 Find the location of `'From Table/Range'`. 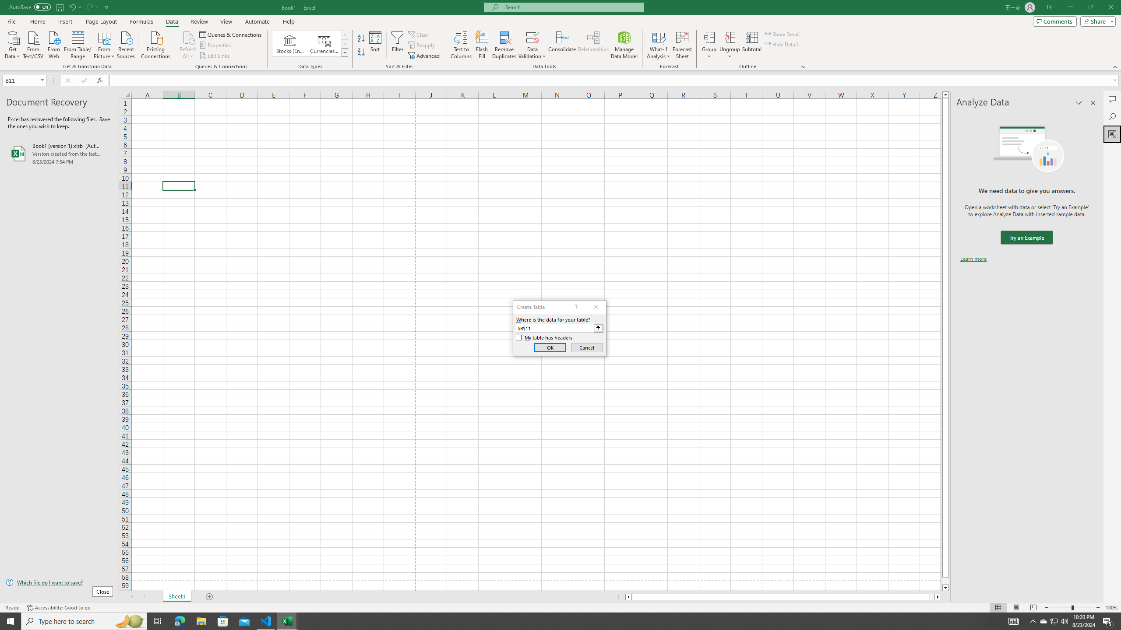

'From Table/Range' is located at coordinates (77, 44).